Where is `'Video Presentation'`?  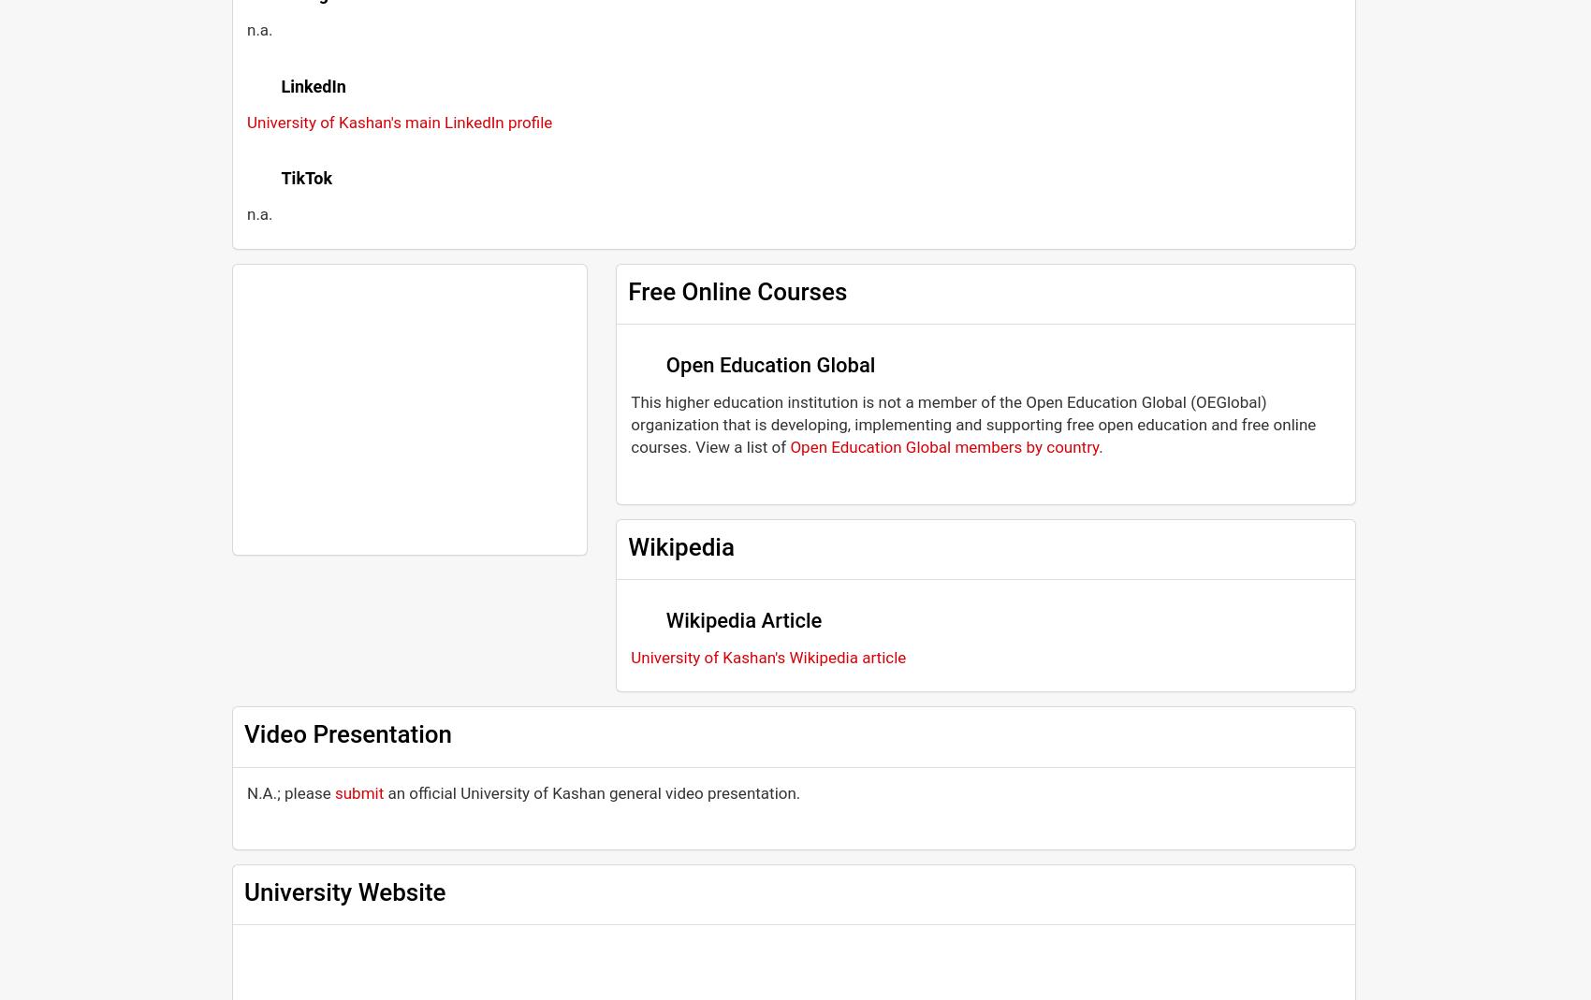 'Video Presentation' is located at coordinates (346, 733).